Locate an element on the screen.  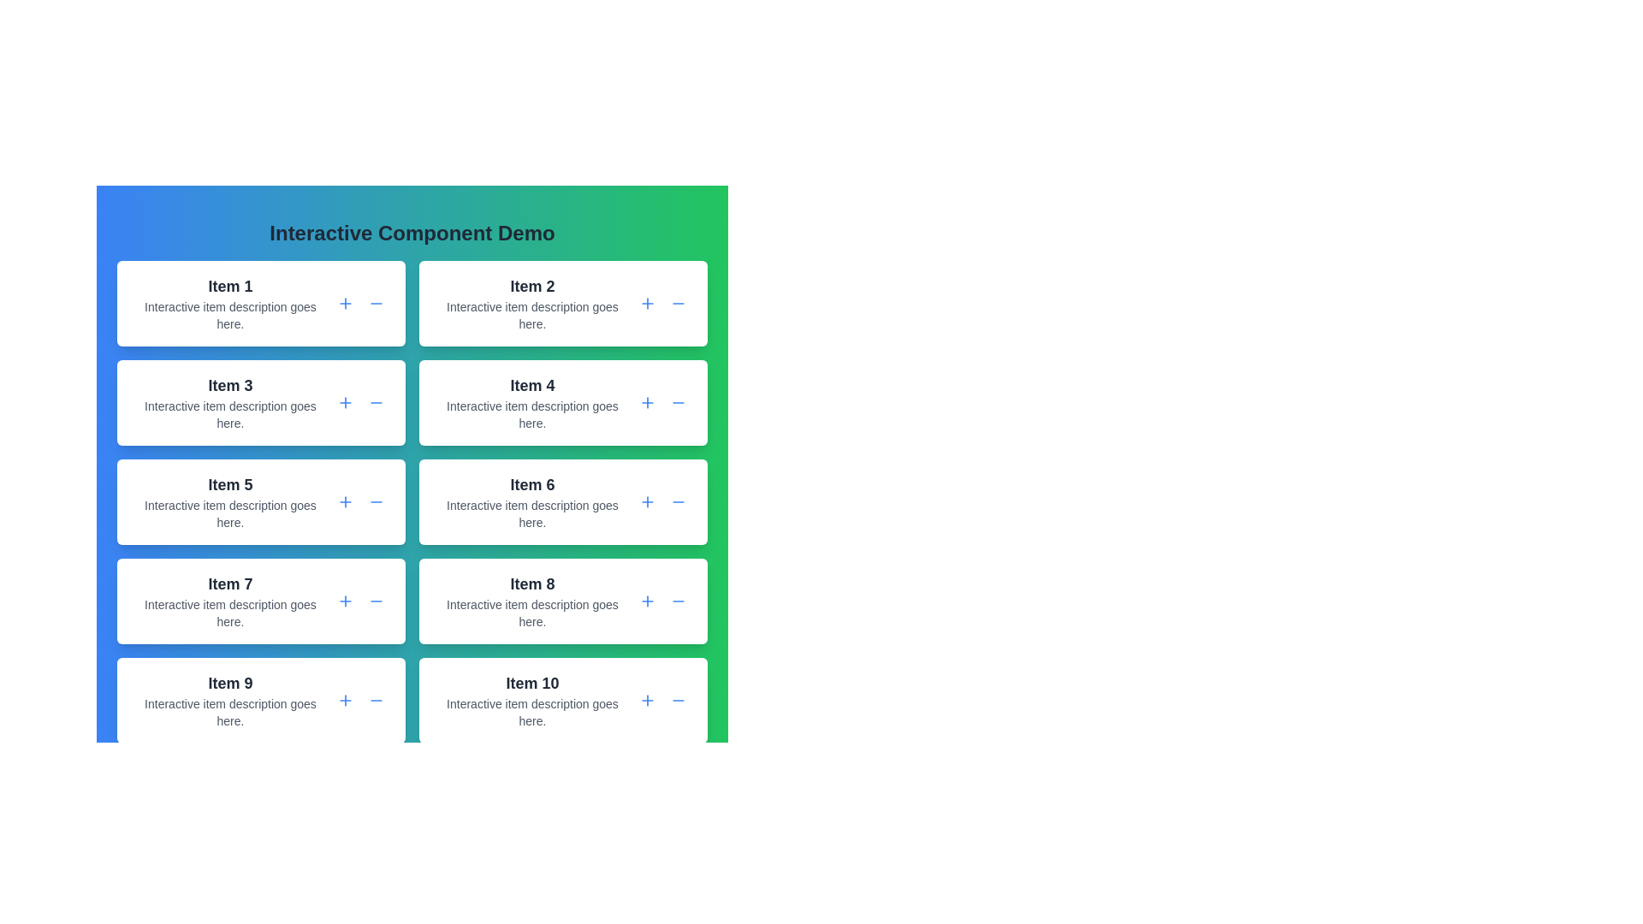
the text block styled in a smaller gray font containing the text 'Interactive item description goes here.' located below 'Item 10' in the bottom-right card of the grid layout is located at coordinates (531, 713).